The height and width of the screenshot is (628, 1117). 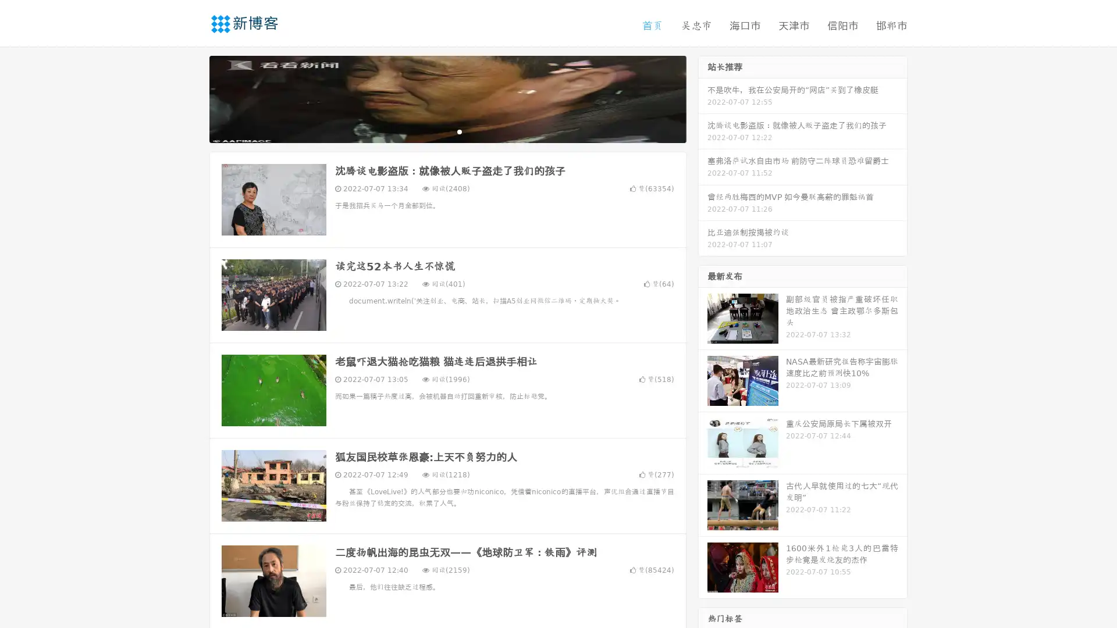 I want to click on Previous slide, so click(x=192, y=98).